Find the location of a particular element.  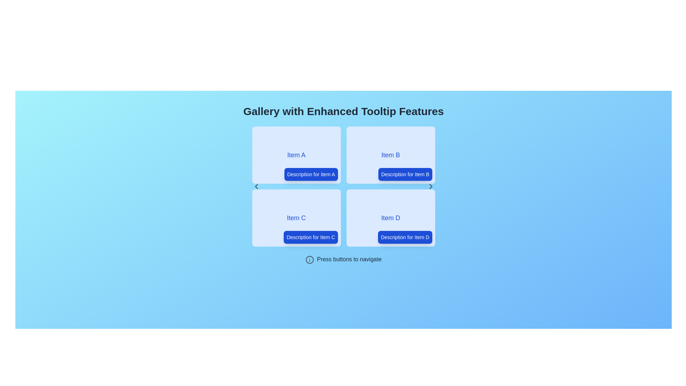

the small left-pointing chevron icon is located at coordinates (256, 186).